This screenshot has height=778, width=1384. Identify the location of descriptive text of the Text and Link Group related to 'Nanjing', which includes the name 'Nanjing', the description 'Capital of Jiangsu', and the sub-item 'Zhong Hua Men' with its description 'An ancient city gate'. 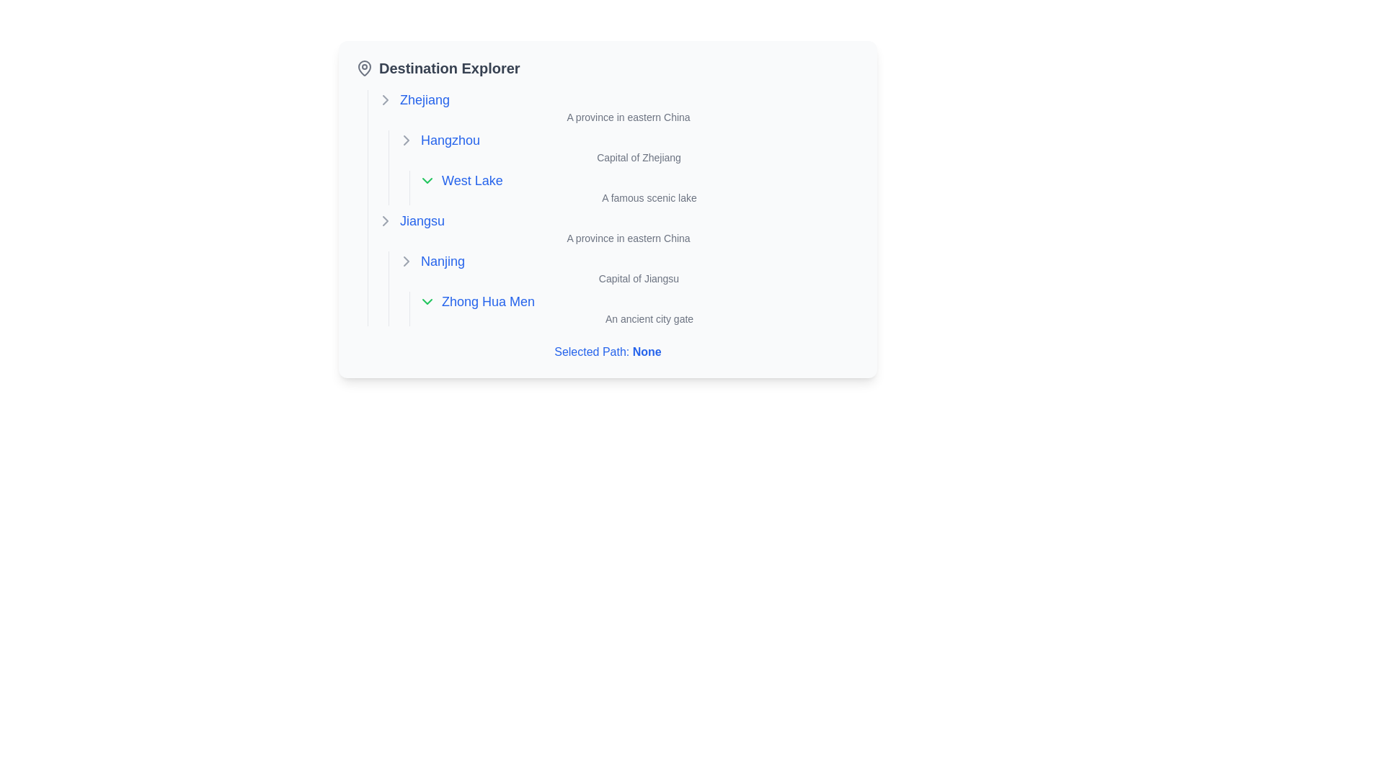
(629, 289).